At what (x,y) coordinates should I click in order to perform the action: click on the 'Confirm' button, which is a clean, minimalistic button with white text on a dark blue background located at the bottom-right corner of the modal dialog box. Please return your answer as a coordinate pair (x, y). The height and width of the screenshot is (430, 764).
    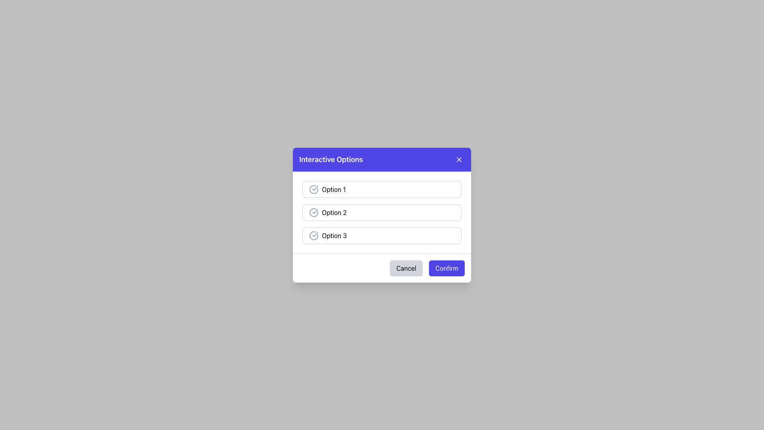
    Looking at the image, I should click on (447, 268).